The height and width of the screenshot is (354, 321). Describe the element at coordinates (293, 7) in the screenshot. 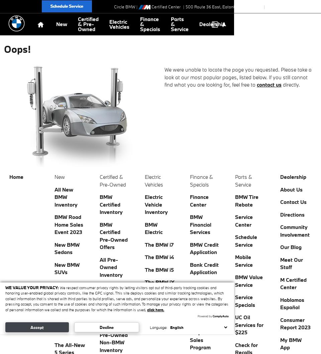

I see `'(732)820-4053'` at that location.